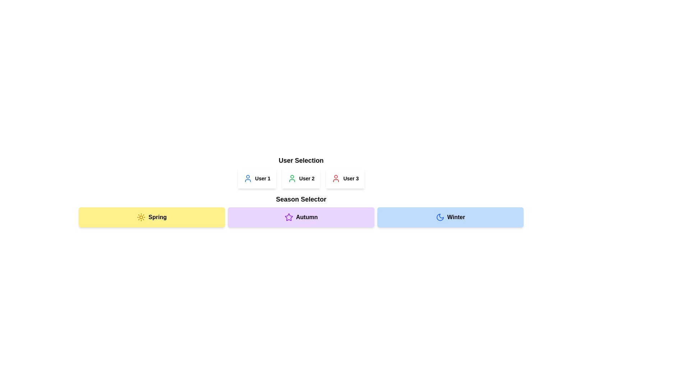 This screenshot has height=388, width=690. Describe the element at coordinates (141, 217) in the screenshot. I see `the 'Spring' season icon located within the yellow box labeled 'Spring' at the bottom of the interface` at that location.